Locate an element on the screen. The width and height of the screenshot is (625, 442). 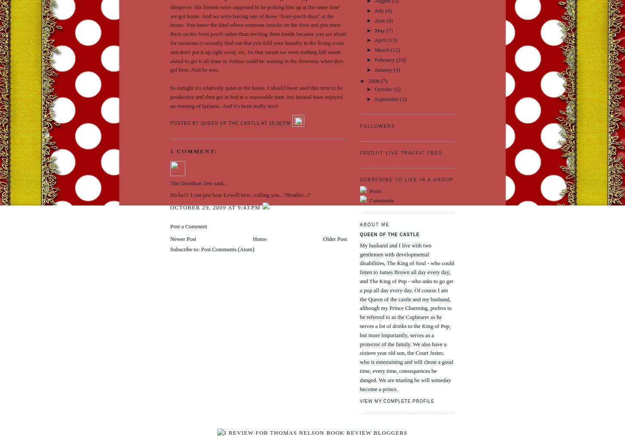
'Post a Comment' is located at coordinates (169, 226).